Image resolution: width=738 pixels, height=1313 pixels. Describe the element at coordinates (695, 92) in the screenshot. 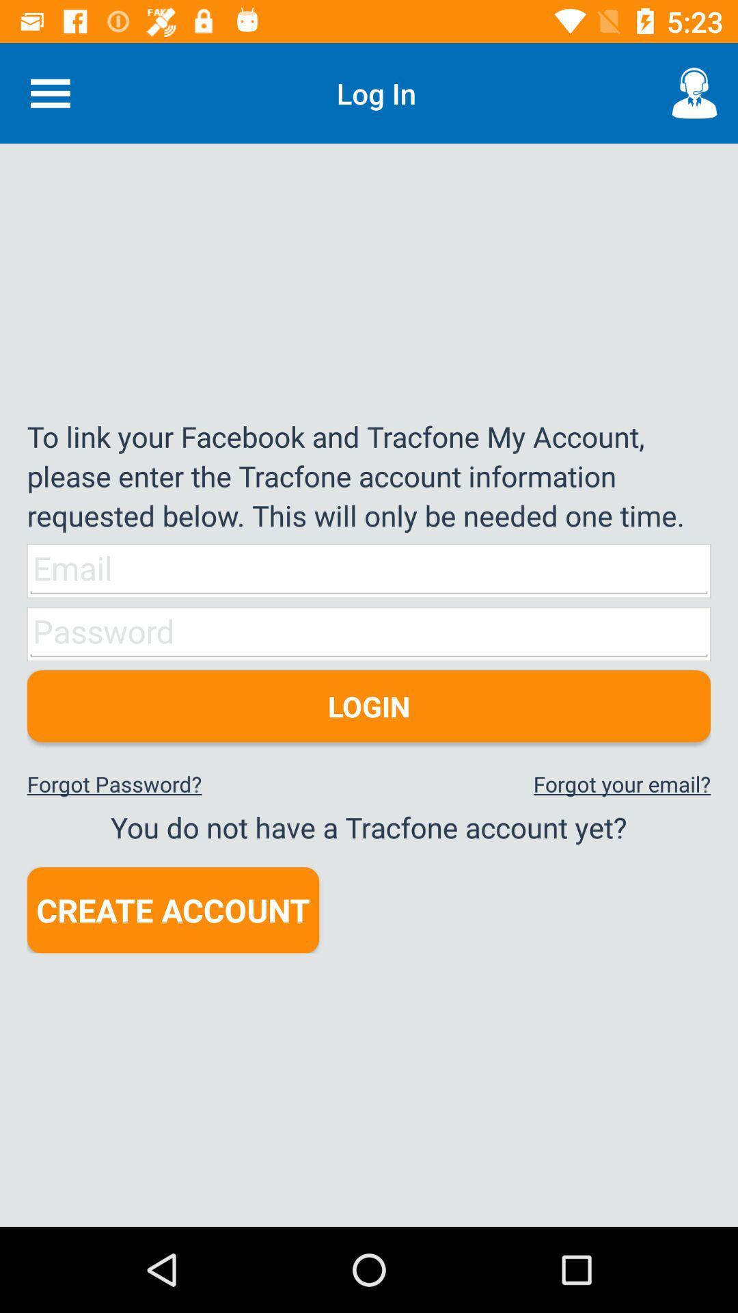

I see `the item above to link your item` at that location.